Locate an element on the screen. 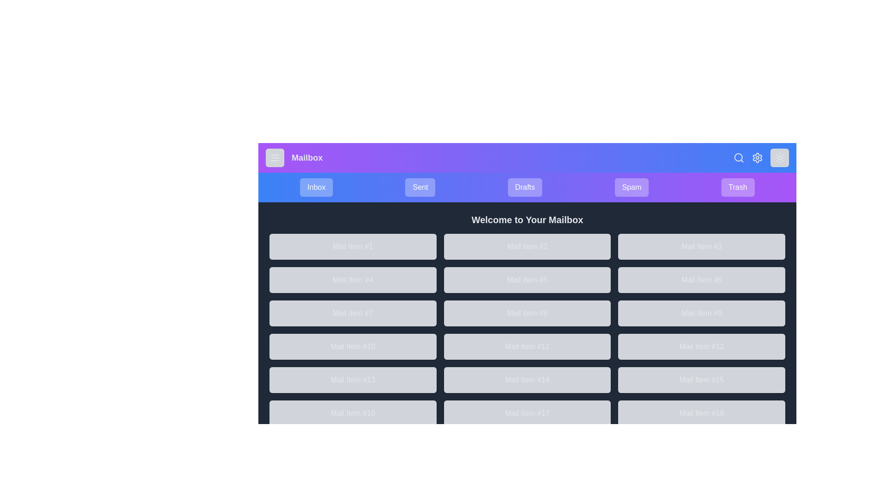 The height and width of the screenshot is (500, 889). button with the sun or moon icon to toggle between light and dark mode is located at coordinates (779, 157).